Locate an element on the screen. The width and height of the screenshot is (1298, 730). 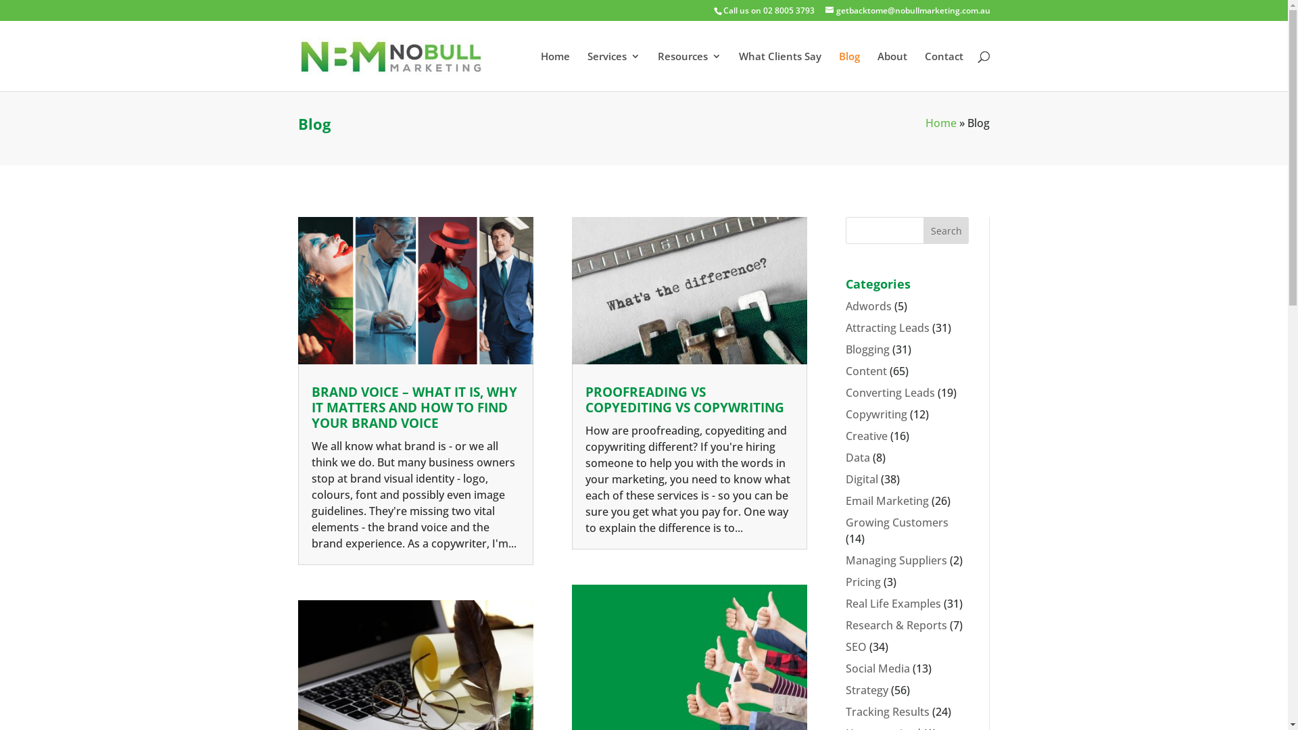
'PROOFREADING VS COPYEDITING VS COPYWRITING' is located at coordinates (684, 399).